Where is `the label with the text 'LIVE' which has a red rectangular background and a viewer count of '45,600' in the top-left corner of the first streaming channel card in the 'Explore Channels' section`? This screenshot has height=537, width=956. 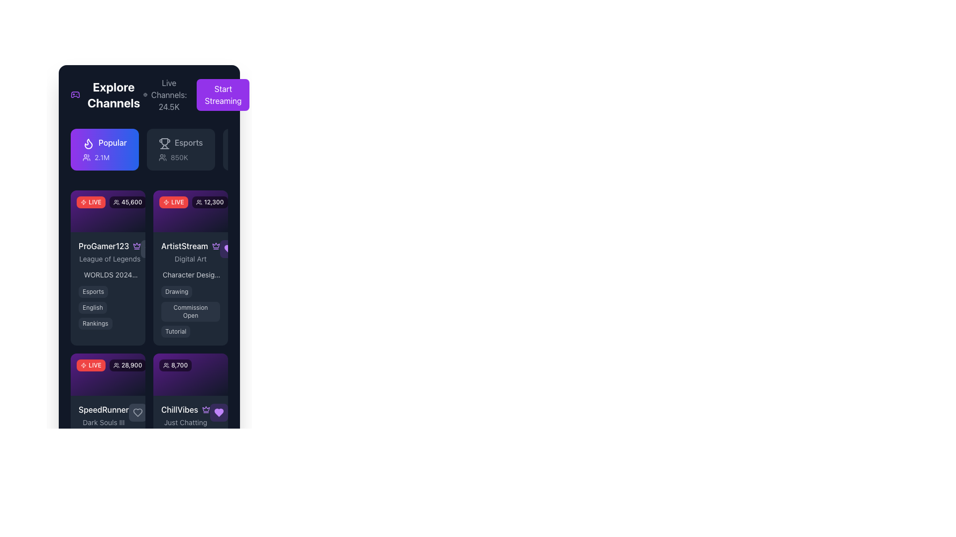 the label with the text 'LIVE' which has a red rectangular background and a viewer count of '45,600' in the top-left corner of the first streaming channel card in the 'Explore Channels' section is located at coordinates (111, 202).